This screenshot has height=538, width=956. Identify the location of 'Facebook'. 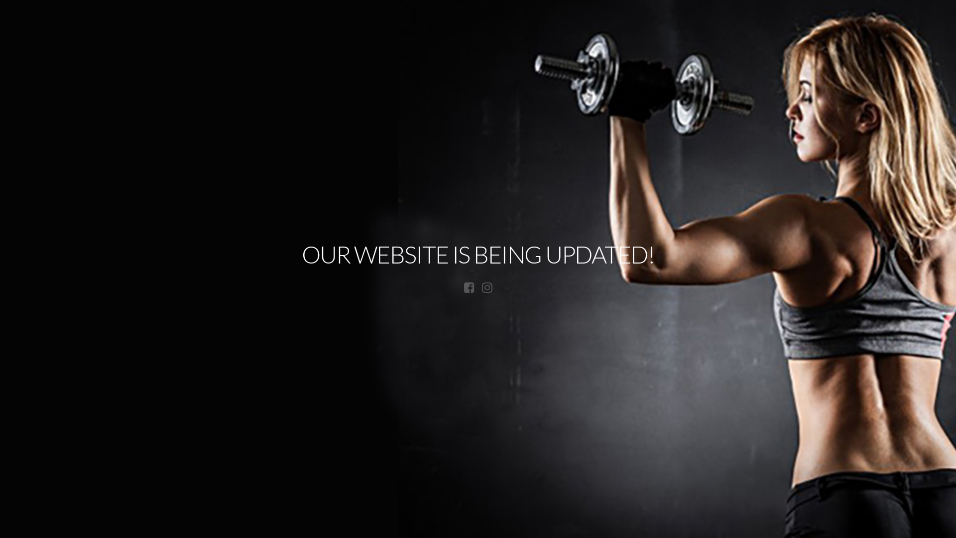
(469, 287).